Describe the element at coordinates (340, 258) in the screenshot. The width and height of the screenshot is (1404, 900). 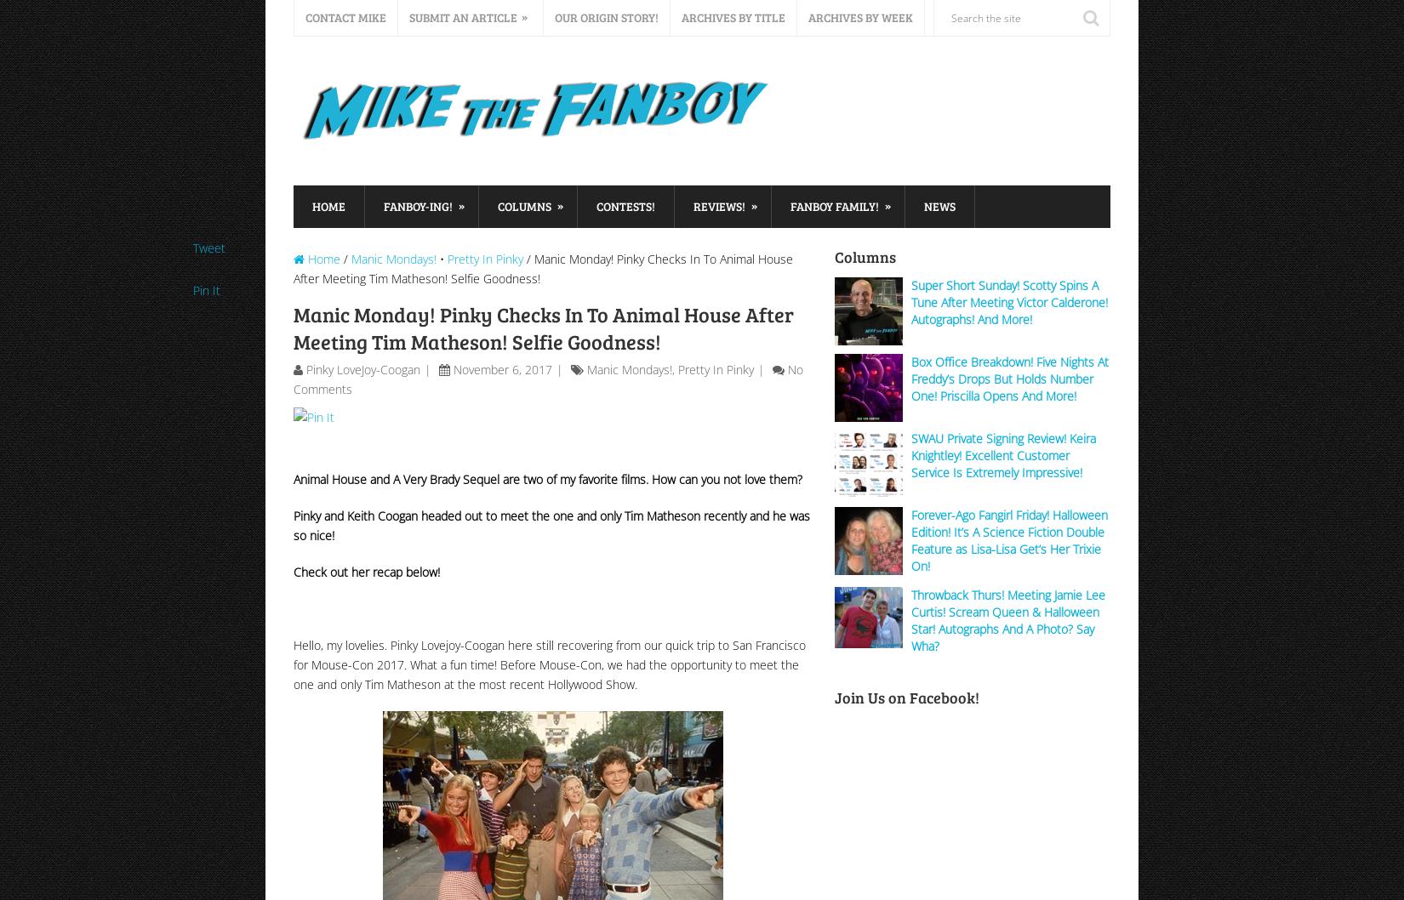
I see `'/'` at that location.